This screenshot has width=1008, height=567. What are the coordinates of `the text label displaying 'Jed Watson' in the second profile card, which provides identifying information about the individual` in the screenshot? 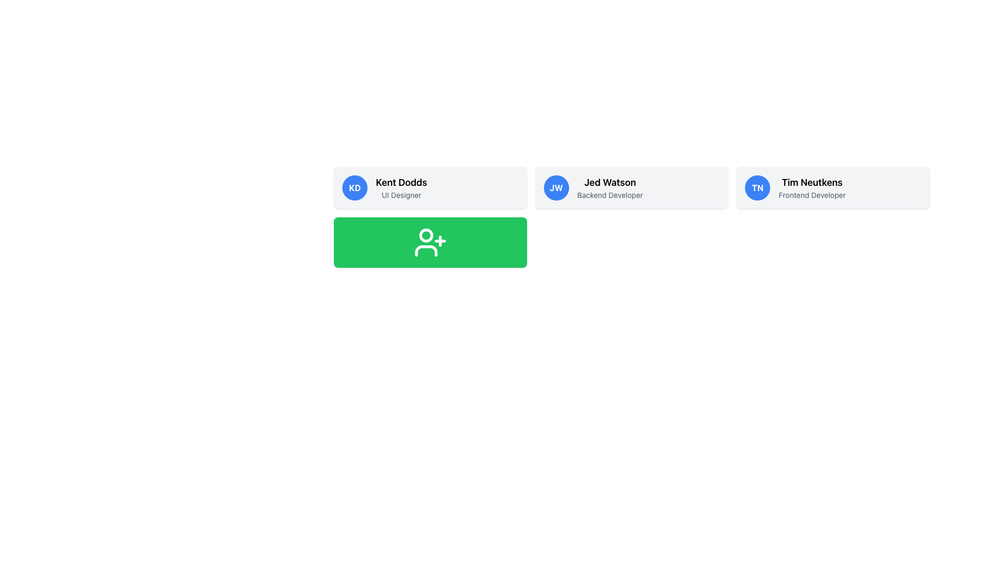 It's located at (610, 187).